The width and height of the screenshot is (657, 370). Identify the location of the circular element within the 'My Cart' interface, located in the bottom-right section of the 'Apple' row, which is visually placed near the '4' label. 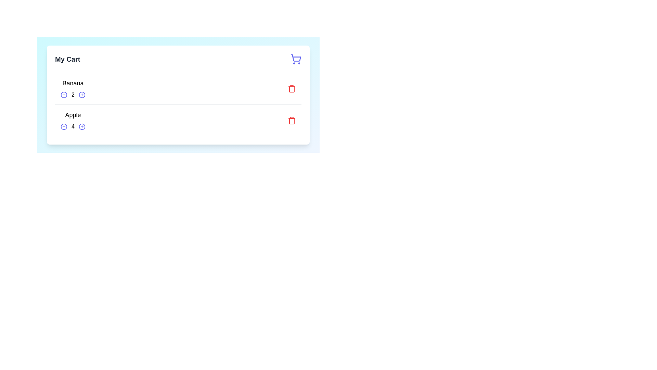
(82, 127).